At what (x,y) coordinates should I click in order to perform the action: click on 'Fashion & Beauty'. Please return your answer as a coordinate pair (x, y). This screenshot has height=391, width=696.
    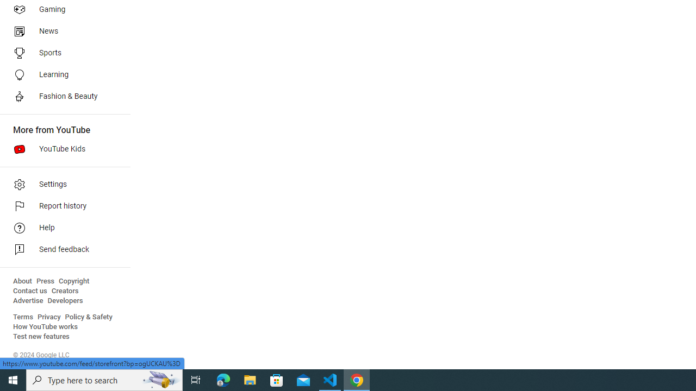
    Looking at the image, I should click on (61, 96).